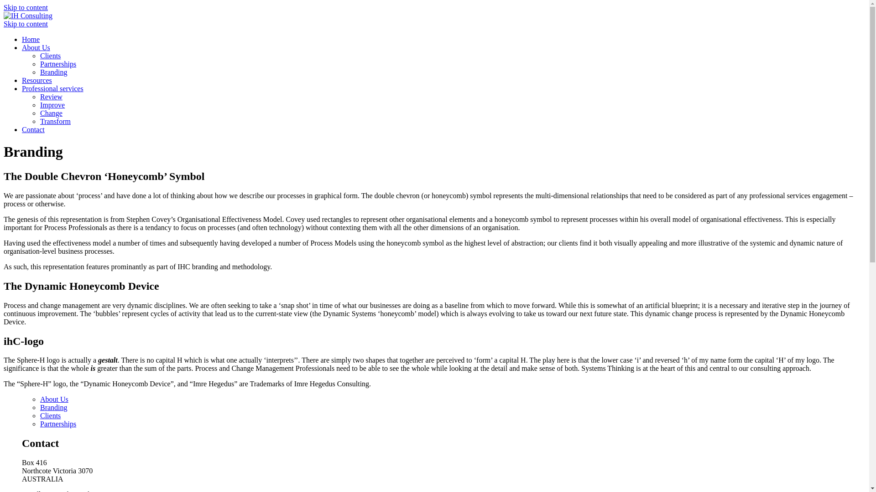 This screenshot has height=492, width=876. Describe the element at coordinates (39, 72) in the screenshot. I see `'Branding'` at that location.